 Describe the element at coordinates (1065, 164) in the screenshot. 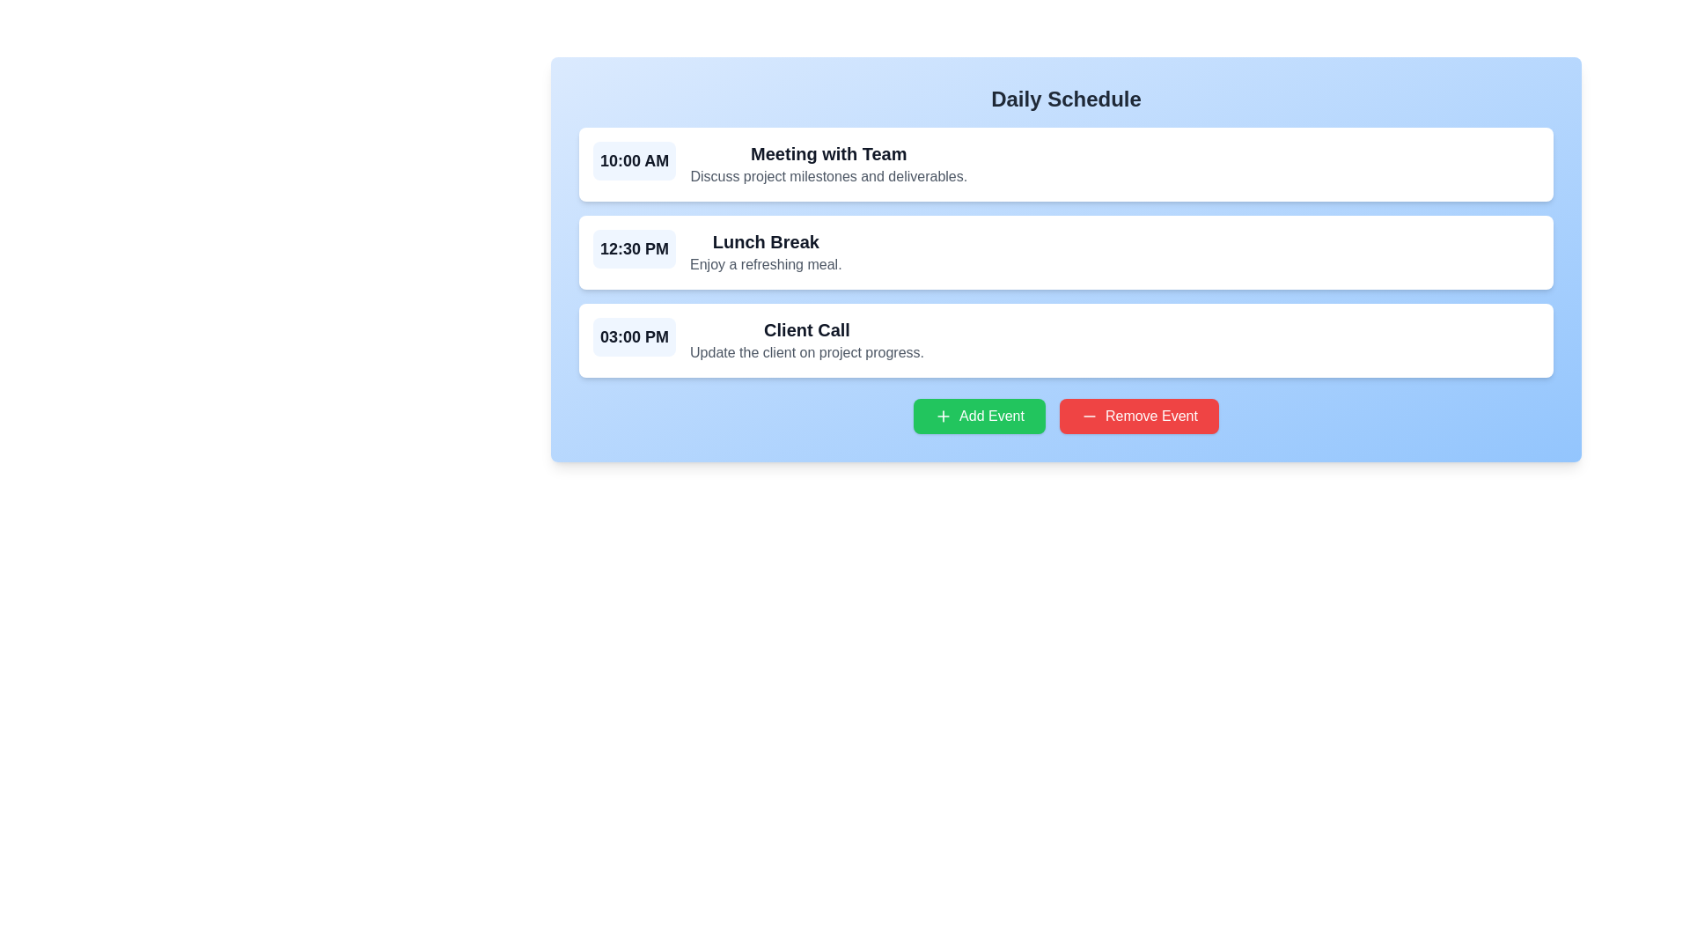

I see `and drop the scheduled event card located at the top of the vertical list beneath 'Daily Schedule'` at that location.